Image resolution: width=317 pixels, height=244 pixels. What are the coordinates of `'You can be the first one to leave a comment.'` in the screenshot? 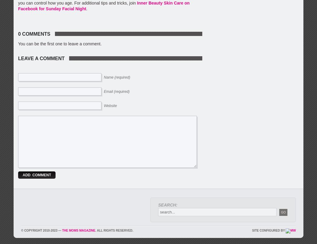 It's located at (59, 44).